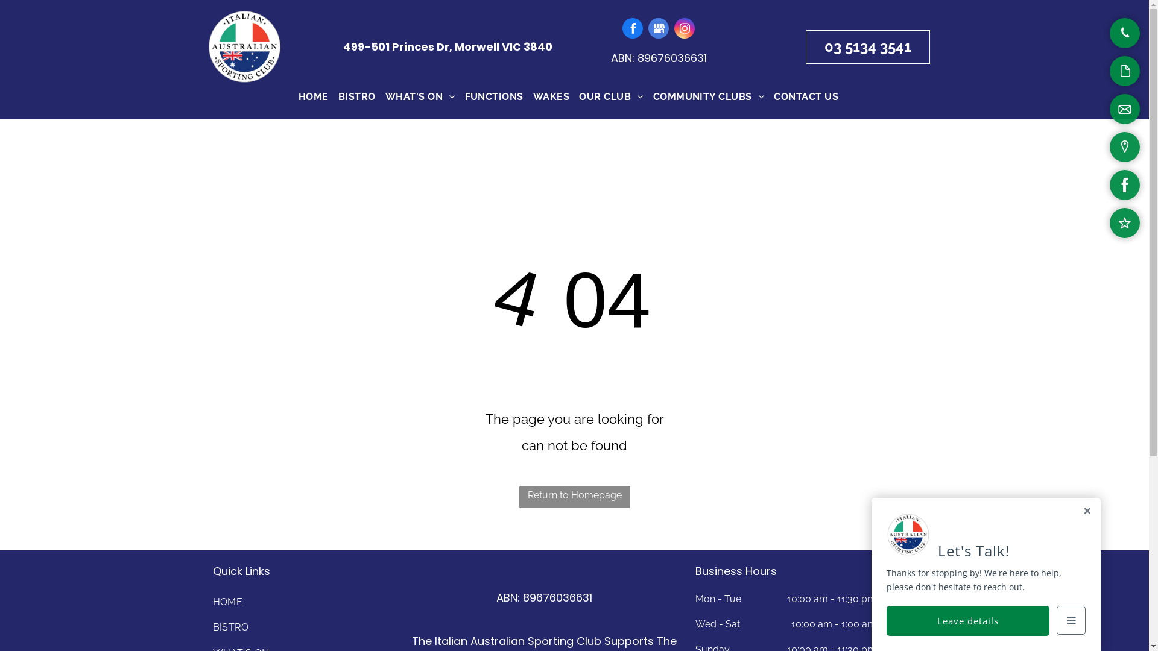 This screenshot has width=1158, height=651. I want to click on 'Return to Homepage', so click(573, 497).